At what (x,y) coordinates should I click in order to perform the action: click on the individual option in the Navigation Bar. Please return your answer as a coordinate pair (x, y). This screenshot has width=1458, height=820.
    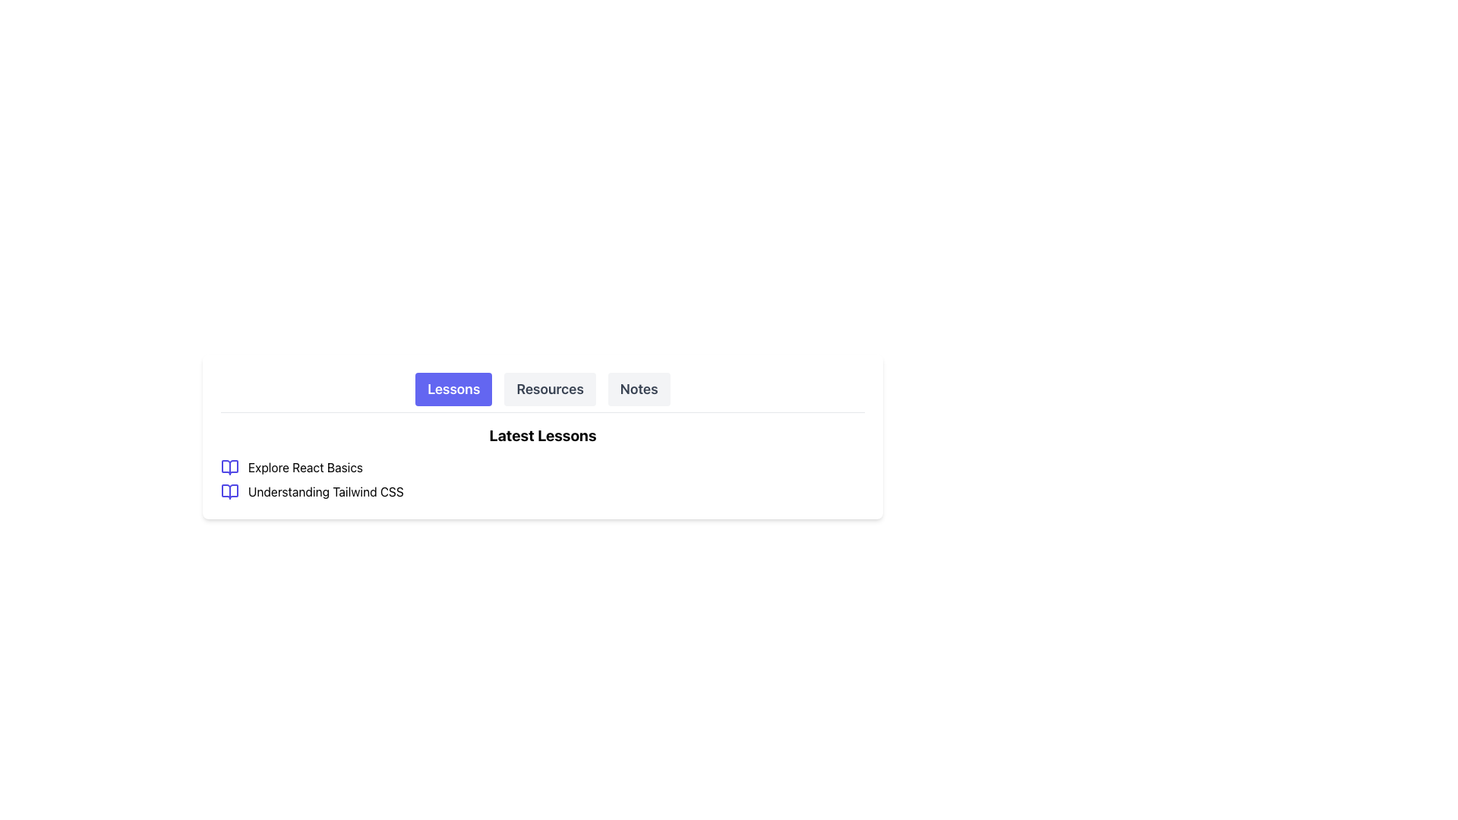
    Looking at the image, I should click on (543, 392).